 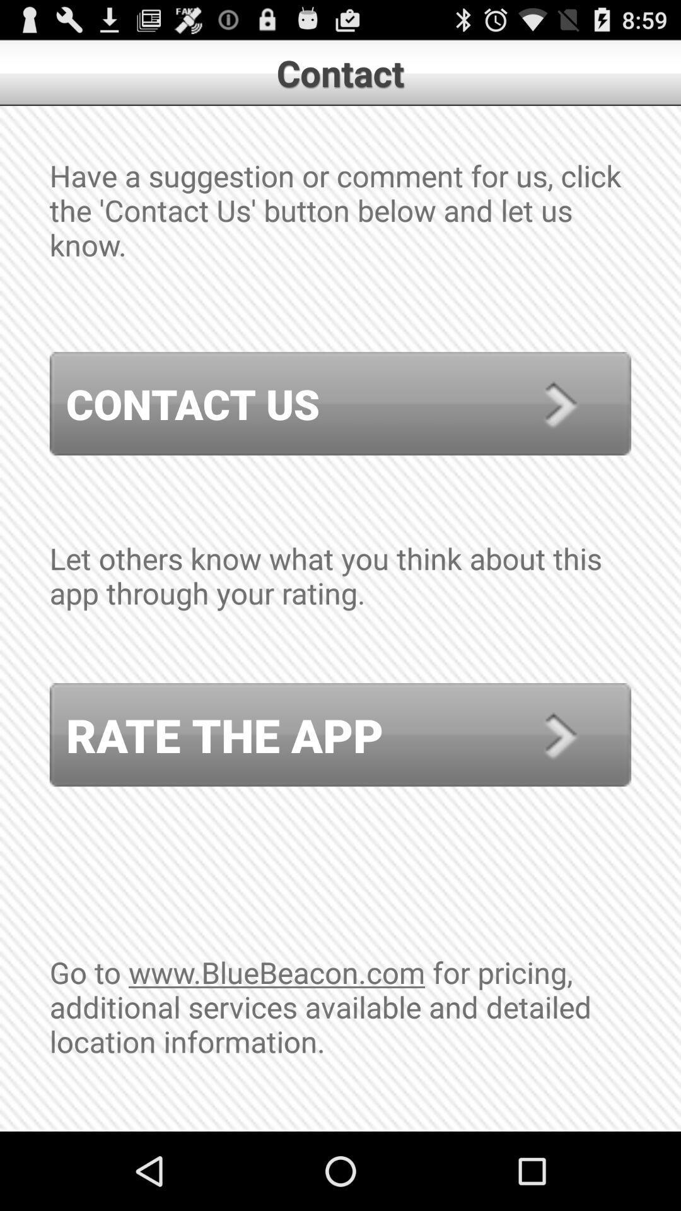 What do you see at coordinates (340, 735) in the screenshot?
I see `the rate the app icon` at bounding box center [340, 735].